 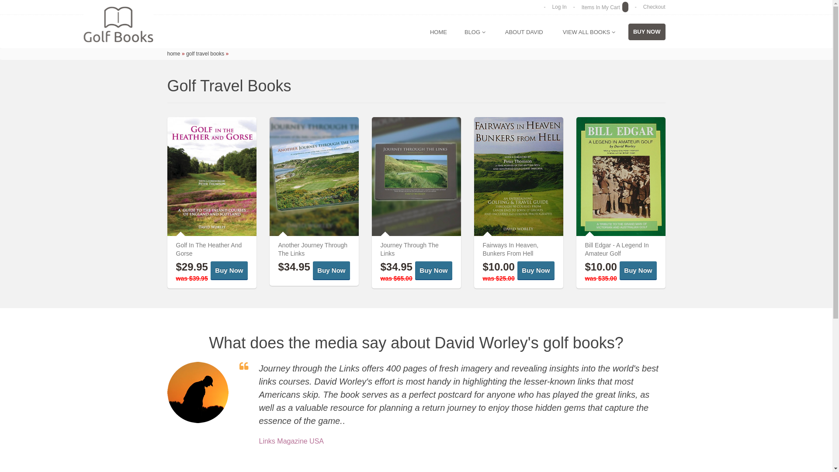 What do you see at coordinates (175, 249) in the screenshot?
I see `'Golf In The Heather And Gorse'` at bounding box center [175, 249].